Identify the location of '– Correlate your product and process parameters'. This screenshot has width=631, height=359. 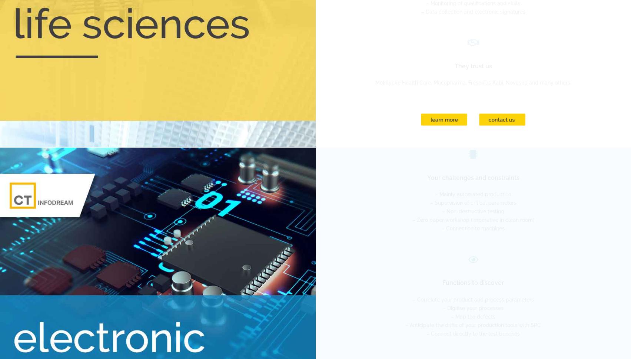
(472, 299).